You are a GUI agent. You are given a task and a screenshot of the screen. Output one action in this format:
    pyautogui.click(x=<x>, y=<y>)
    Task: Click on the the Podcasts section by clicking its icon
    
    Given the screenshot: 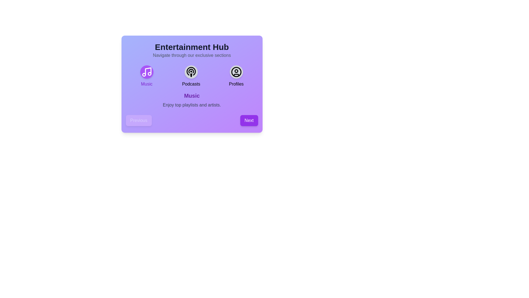 What is the action you would take?
    pyautogui.click(x=191, y=72)
    